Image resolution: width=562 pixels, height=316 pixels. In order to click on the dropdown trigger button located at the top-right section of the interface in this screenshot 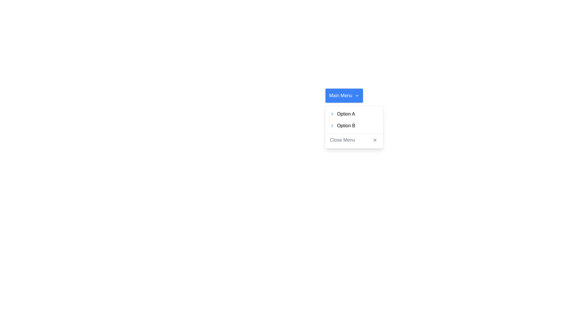, I will do `click(344, 95)`.